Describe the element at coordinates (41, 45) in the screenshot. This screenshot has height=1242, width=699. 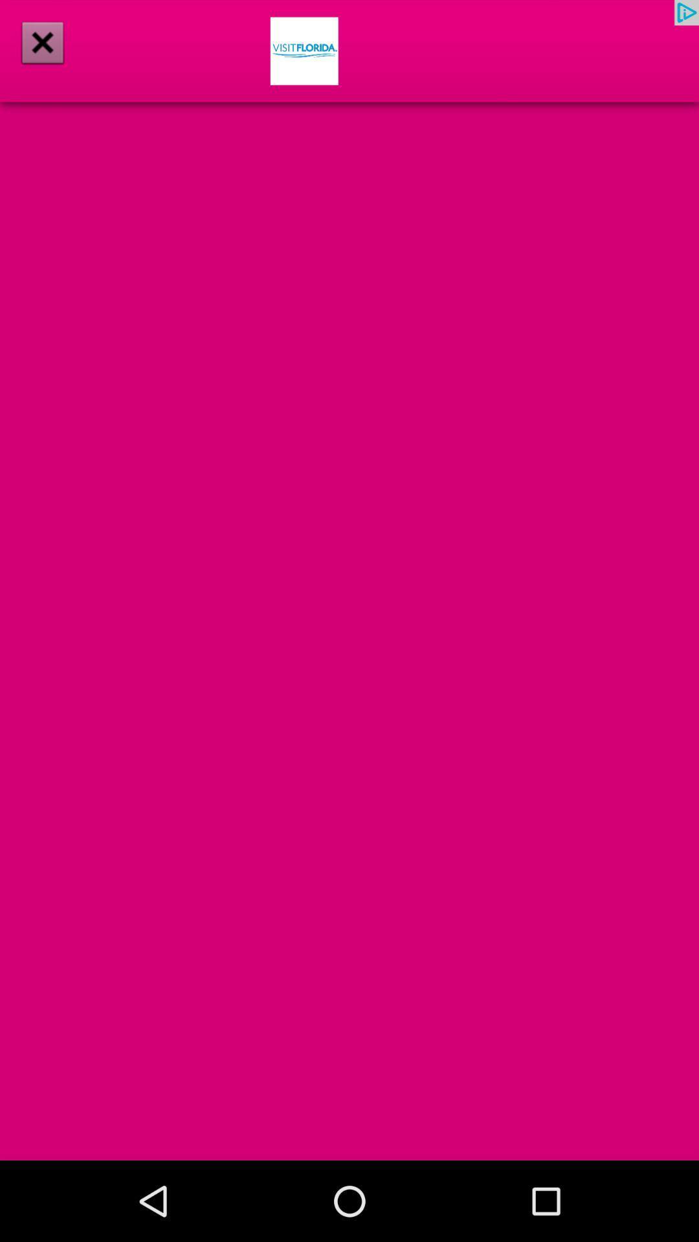
I see `the close icon` at that location.